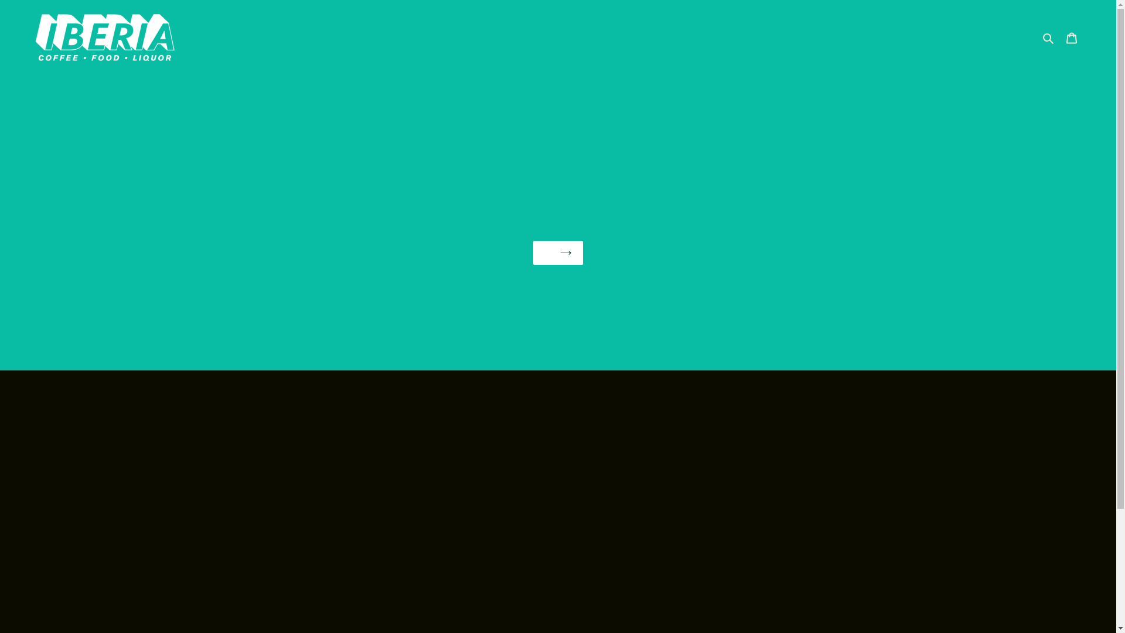 The height and width of the screenshot is (633, 1125). I want to click on 'Search', so click(1049, 37).